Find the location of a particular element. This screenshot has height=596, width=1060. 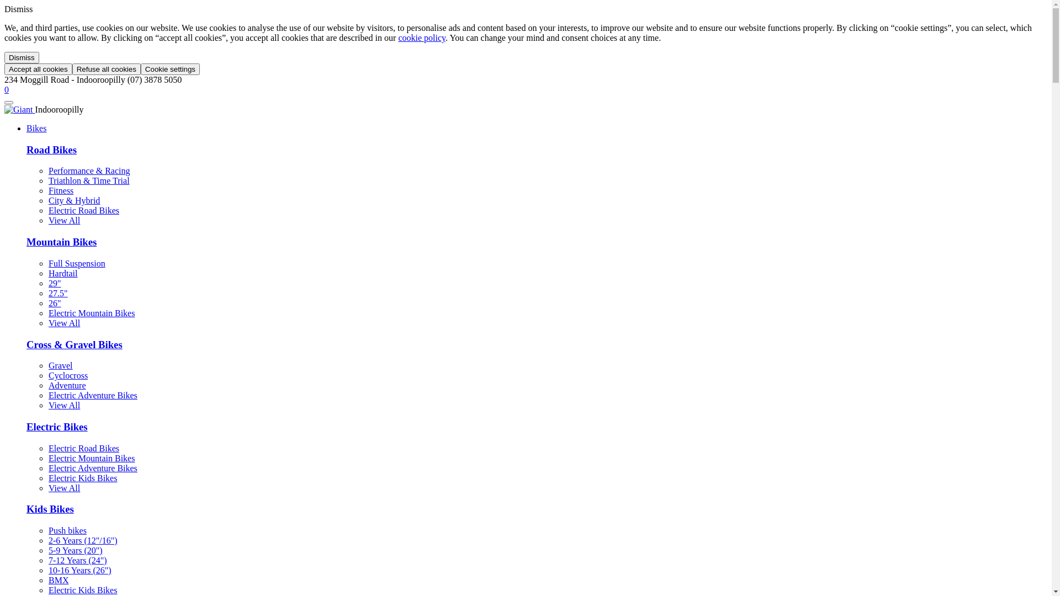

'Push bikes' is located at coordinates (67, 530).